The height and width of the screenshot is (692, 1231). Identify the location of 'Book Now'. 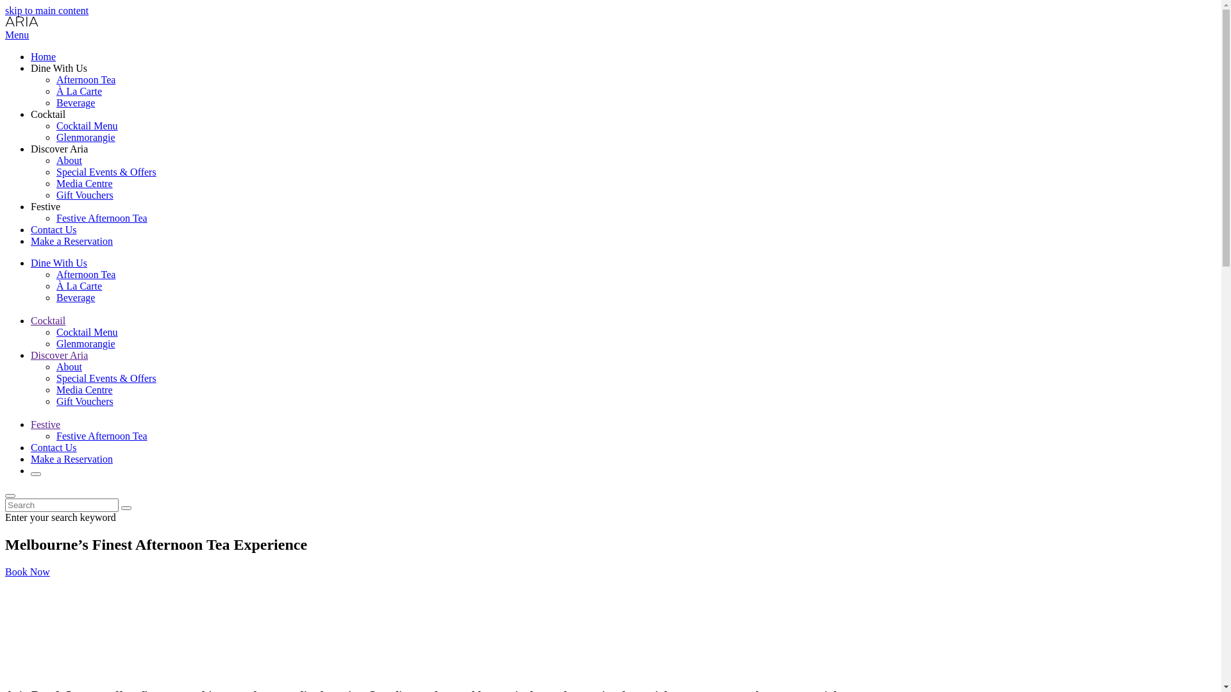
(28, 571).